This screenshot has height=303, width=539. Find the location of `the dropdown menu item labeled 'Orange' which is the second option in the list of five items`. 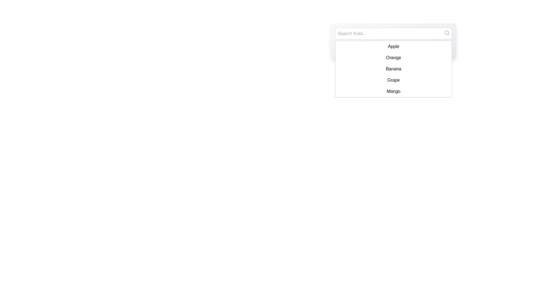

the dropdown menu item labeled 'Orange' which is the second option in the list of five items is located at coordinates (393, 58).